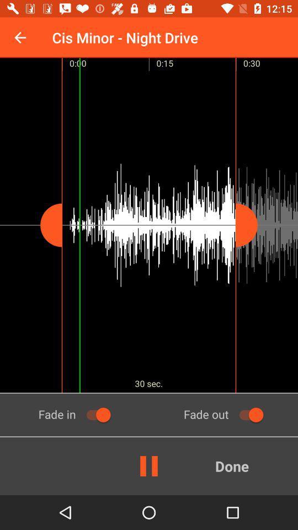  What do you see at coordinates (20, 38) in the screenshot?
I see `the icon to the left of cis minor night` at bounding box center [20, 38].